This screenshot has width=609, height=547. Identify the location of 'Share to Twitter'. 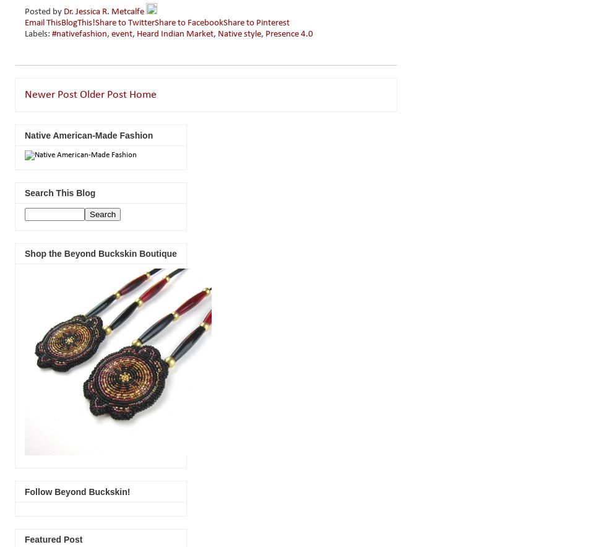
(125, 23).